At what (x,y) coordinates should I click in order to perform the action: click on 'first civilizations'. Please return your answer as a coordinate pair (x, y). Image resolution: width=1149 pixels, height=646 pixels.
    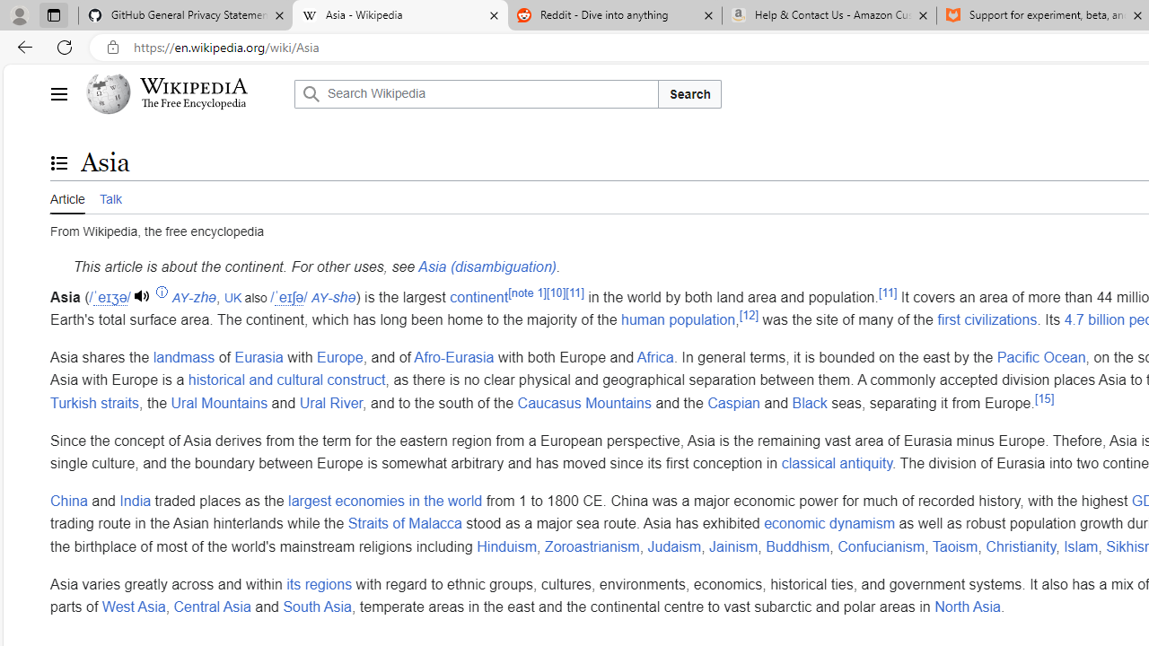
    Looking at the image, I should click on (987, 319).